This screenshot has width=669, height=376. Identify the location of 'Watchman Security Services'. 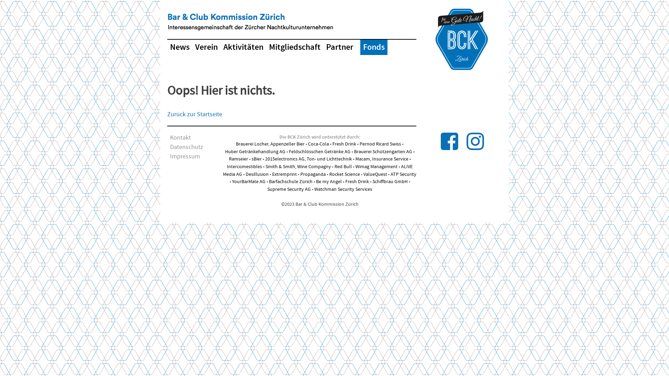
(343, 189).